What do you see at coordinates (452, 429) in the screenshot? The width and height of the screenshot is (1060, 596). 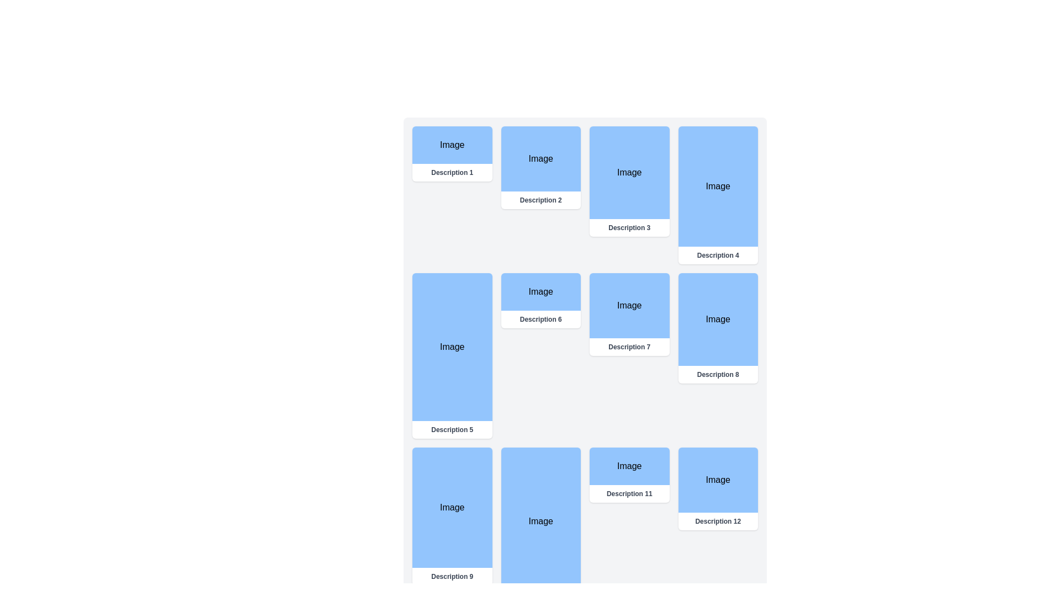 I see `text content of the label displaying 'Description 5', which is styled in gray color and bold lettering, located beneath a blue rectangular image` at bounding box center [452, 429].